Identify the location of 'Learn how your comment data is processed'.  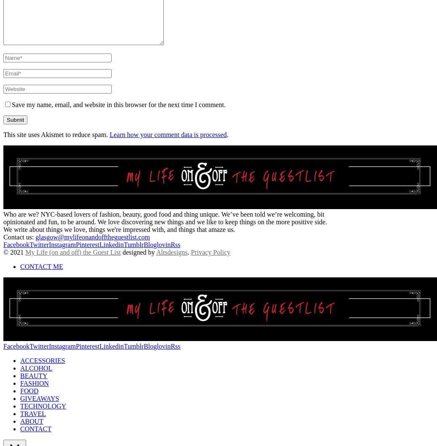
(168, 134).